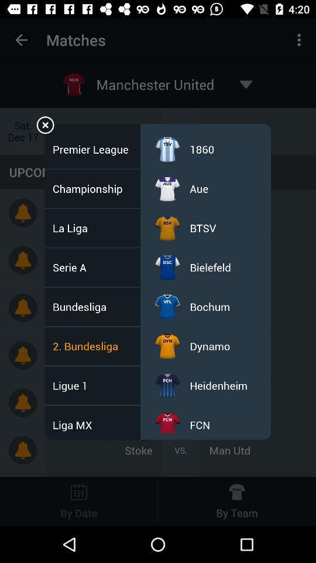 This screenshot has height=563, width=316. Describe the element at coordinates (88, 346) in the screenshot. I see `the 2. bundesliga` at that location.